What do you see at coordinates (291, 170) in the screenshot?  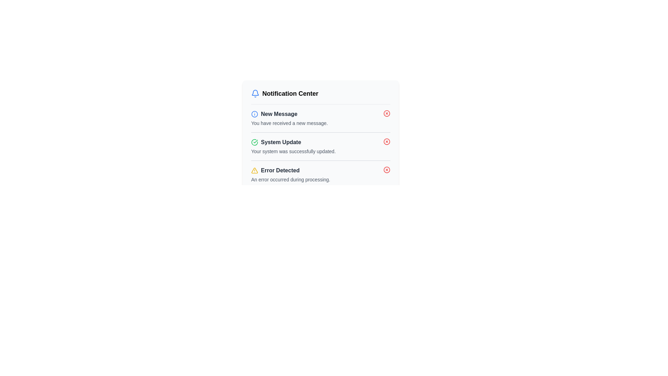 I see `error message displayed in the text label indicating an error alert in the notification panel, located between the 'System Update' notification and its description` at bounding box center [291, 170].